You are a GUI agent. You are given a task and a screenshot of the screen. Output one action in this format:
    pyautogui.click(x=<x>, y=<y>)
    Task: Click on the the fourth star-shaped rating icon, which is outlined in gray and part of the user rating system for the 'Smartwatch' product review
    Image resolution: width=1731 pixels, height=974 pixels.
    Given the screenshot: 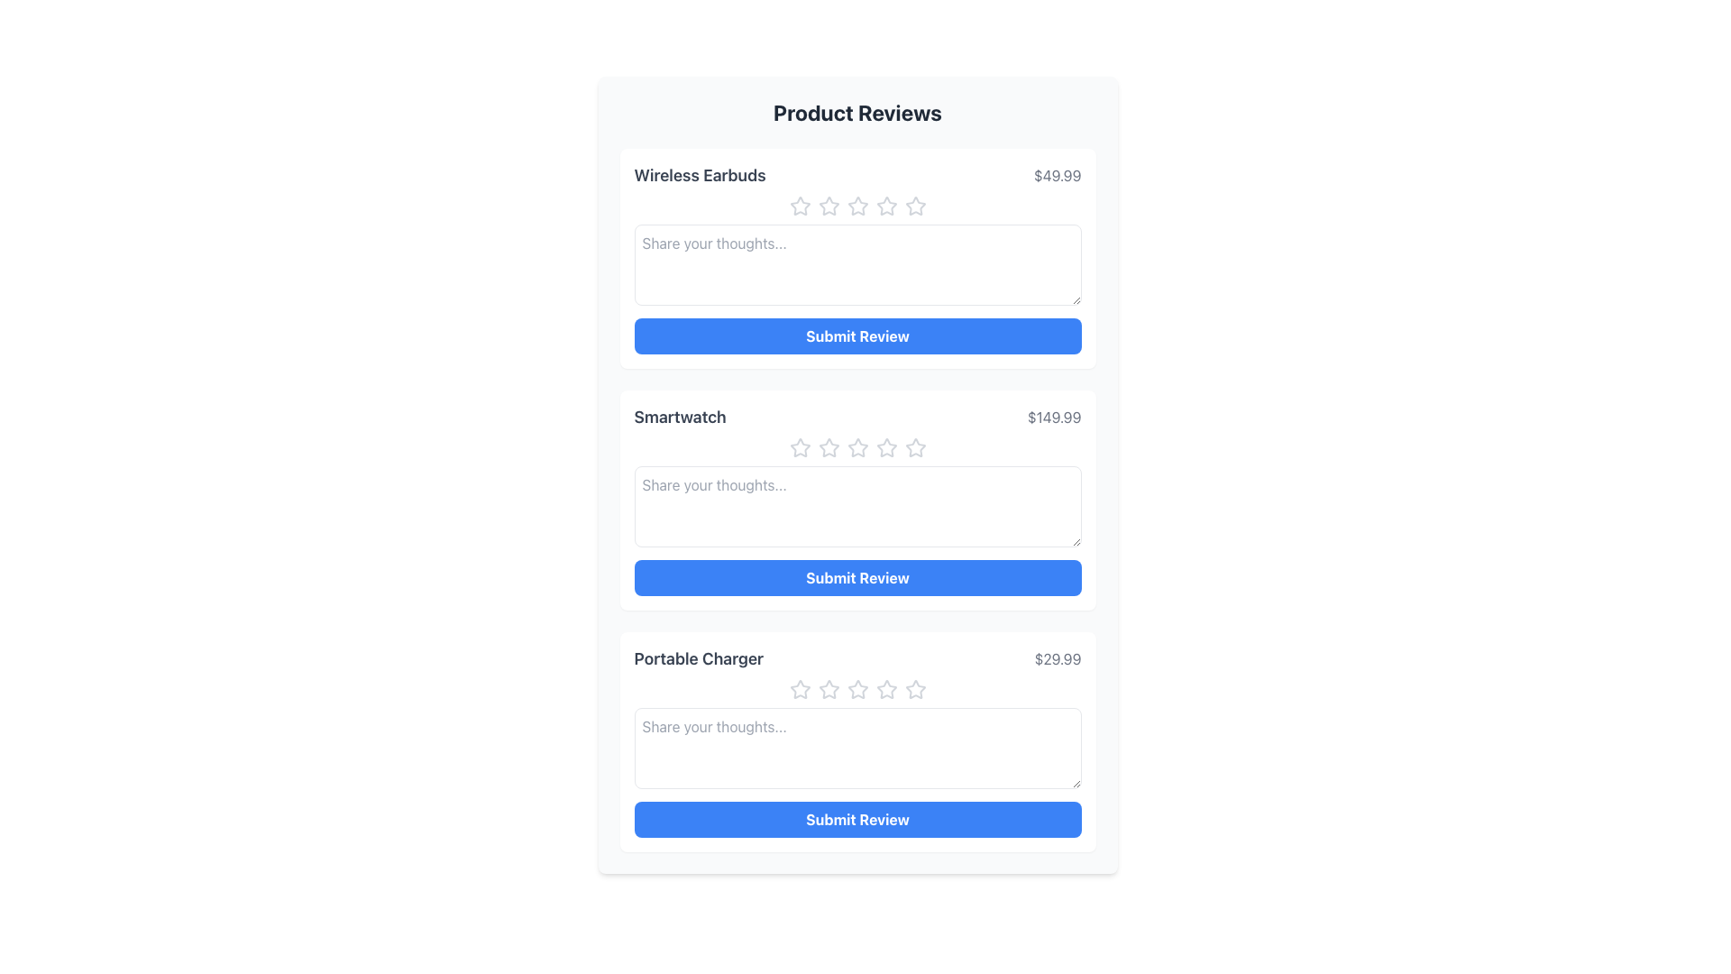 What is the action you would take?
    pyautogui.click(x=886, y=447)
    